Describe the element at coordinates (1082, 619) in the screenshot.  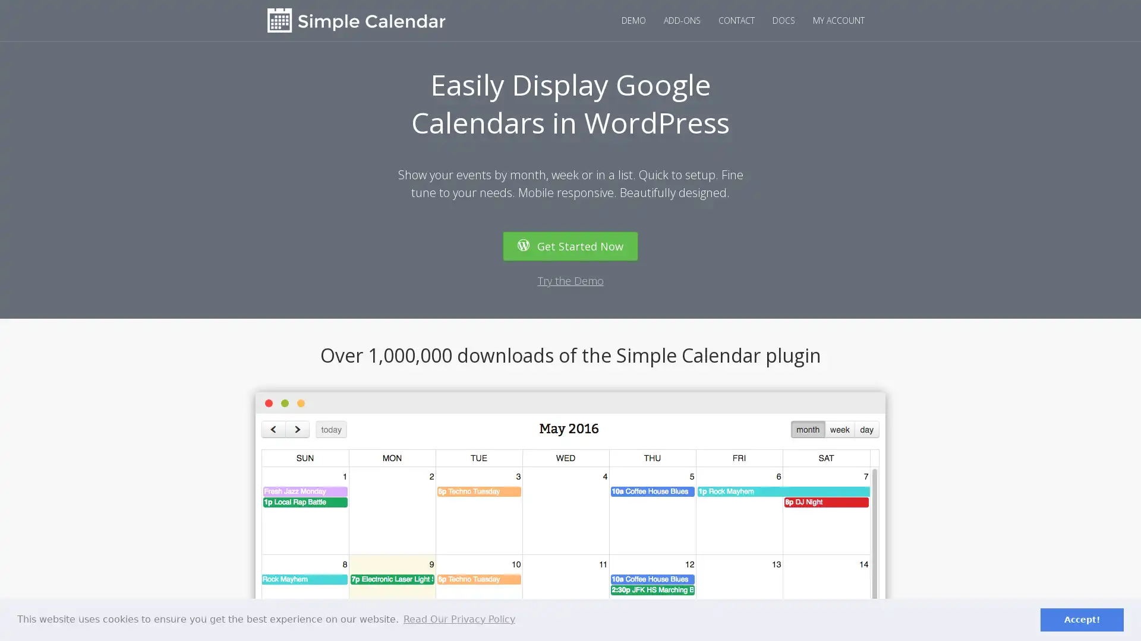
I see `dismiss cookie message` at that location.